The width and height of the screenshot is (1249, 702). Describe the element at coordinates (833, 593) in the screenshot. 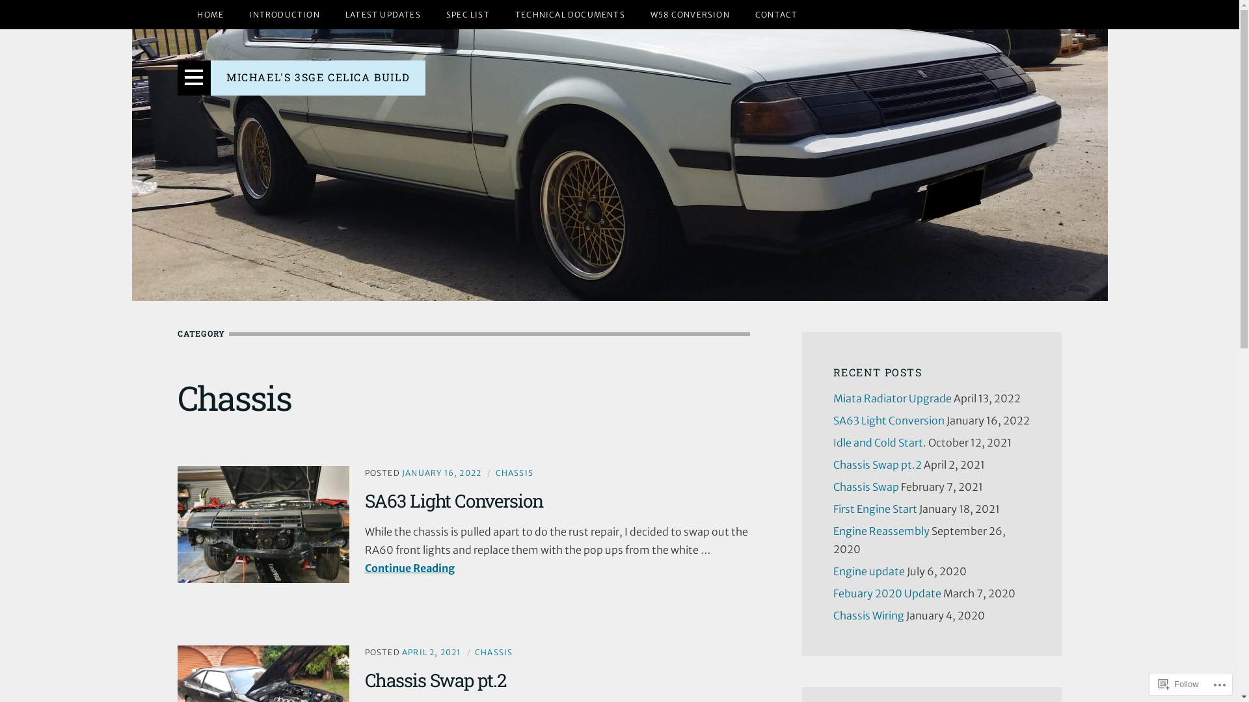

I see `'Febuary 2020 Update'` at that location.